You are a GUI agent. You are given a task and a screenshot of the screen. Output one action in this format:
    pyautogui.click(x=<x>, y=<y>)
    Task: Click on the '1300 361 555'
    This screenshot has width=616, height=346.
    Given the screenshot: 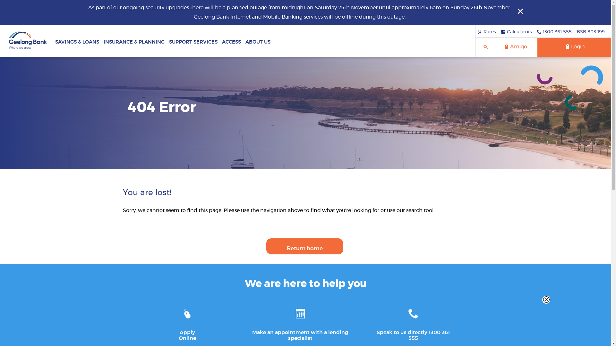 What is the action you would take?
    pyautogui.click(x=554, y=32)
    